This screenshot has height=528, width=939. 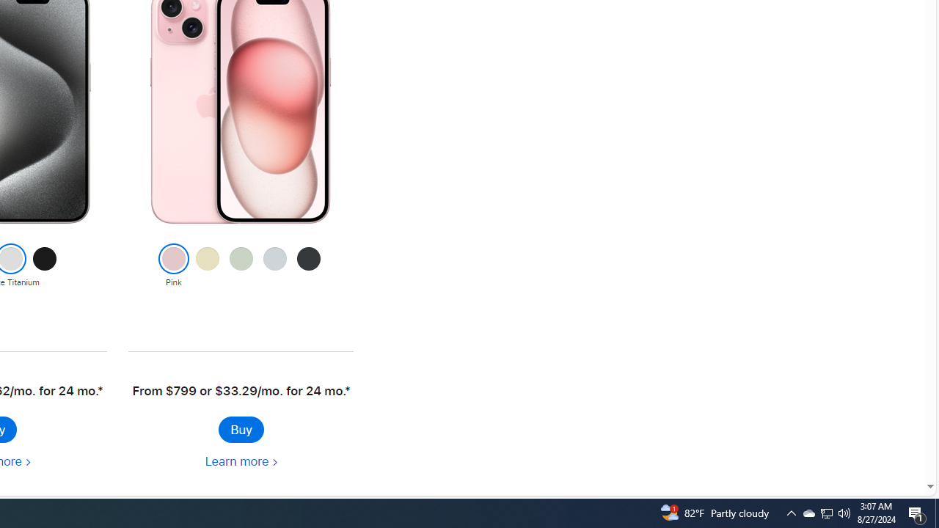 What do you see at coordinates (241, 461) in the screenshot?
I see `'Learn more about iPhone 15'` at bounding box center [241, 461].